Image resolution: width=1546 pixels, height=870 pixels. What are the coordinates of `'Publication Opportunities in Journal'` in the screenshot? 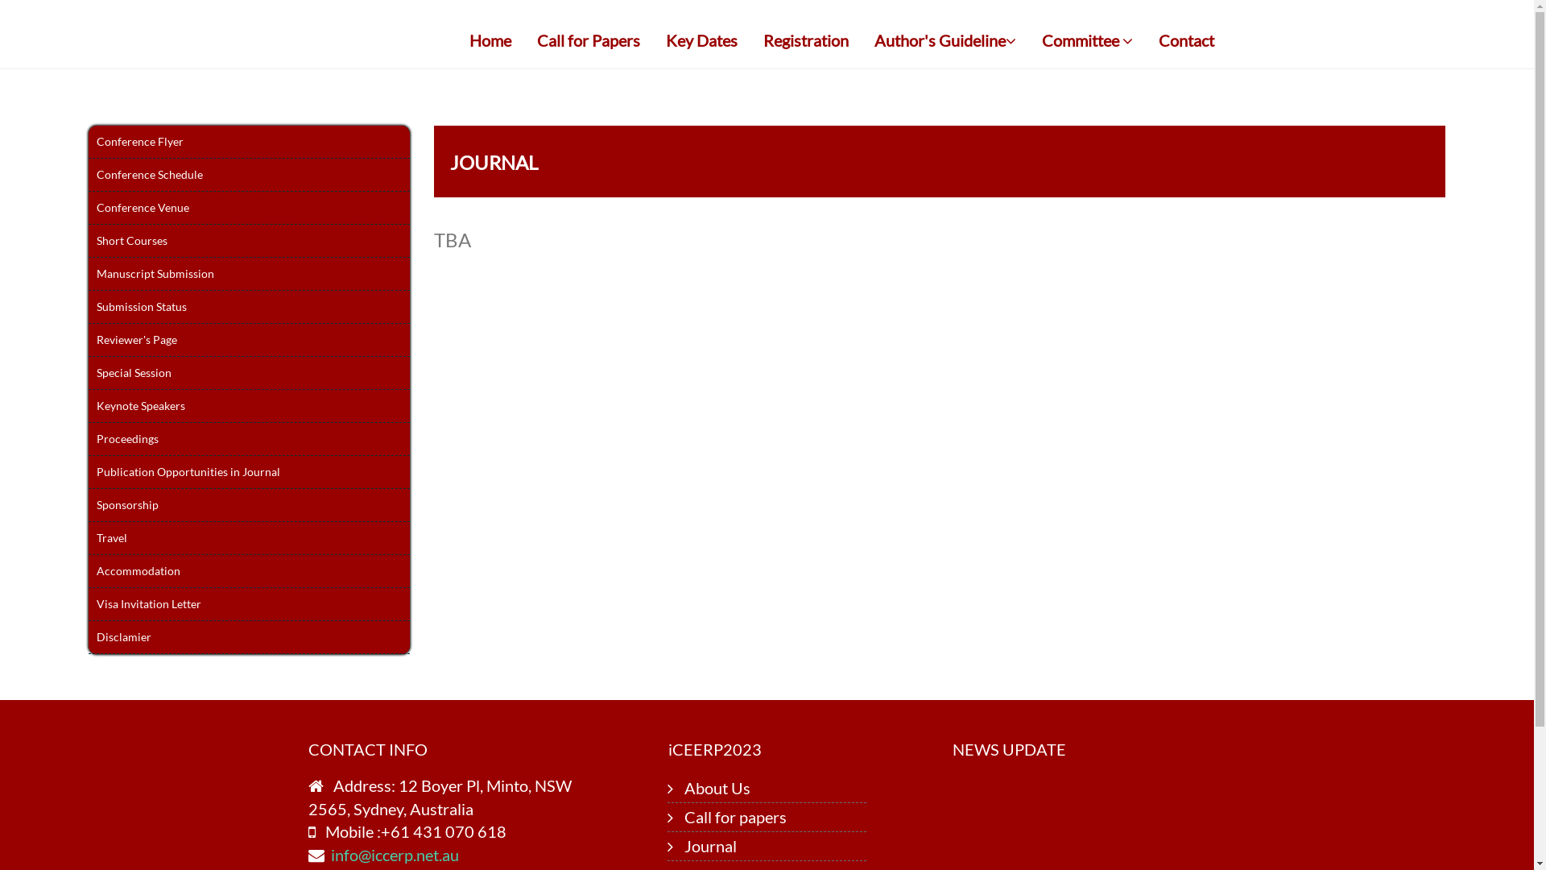 It's located at (248, 471).